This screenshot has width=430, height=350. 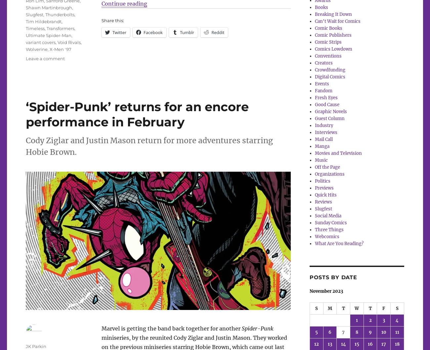 I want to click on 'variant covers', so click(x=40, y=41).